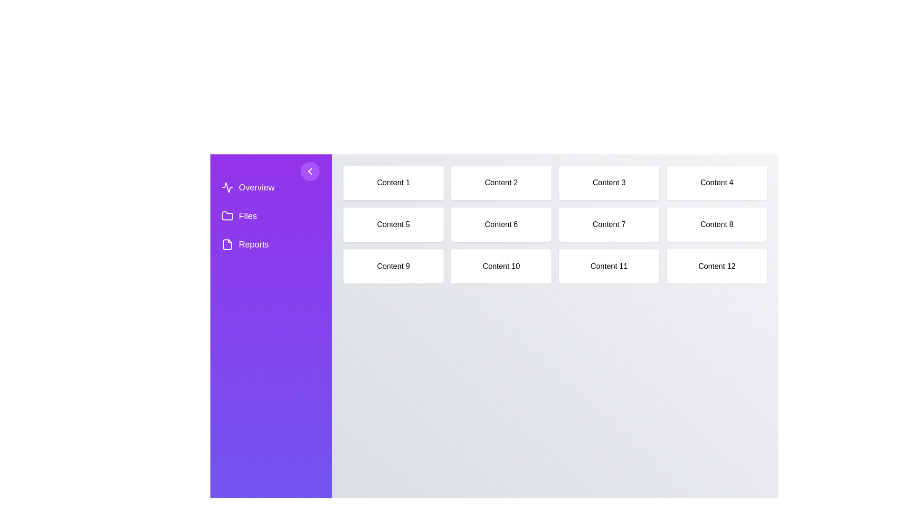 This screenshot has height=513, width=912. What do you see at coordinates (271, 187) in the screenshot?
I see `the navigation item labeled Overview to highlight it` at bounding box center [271, 187].